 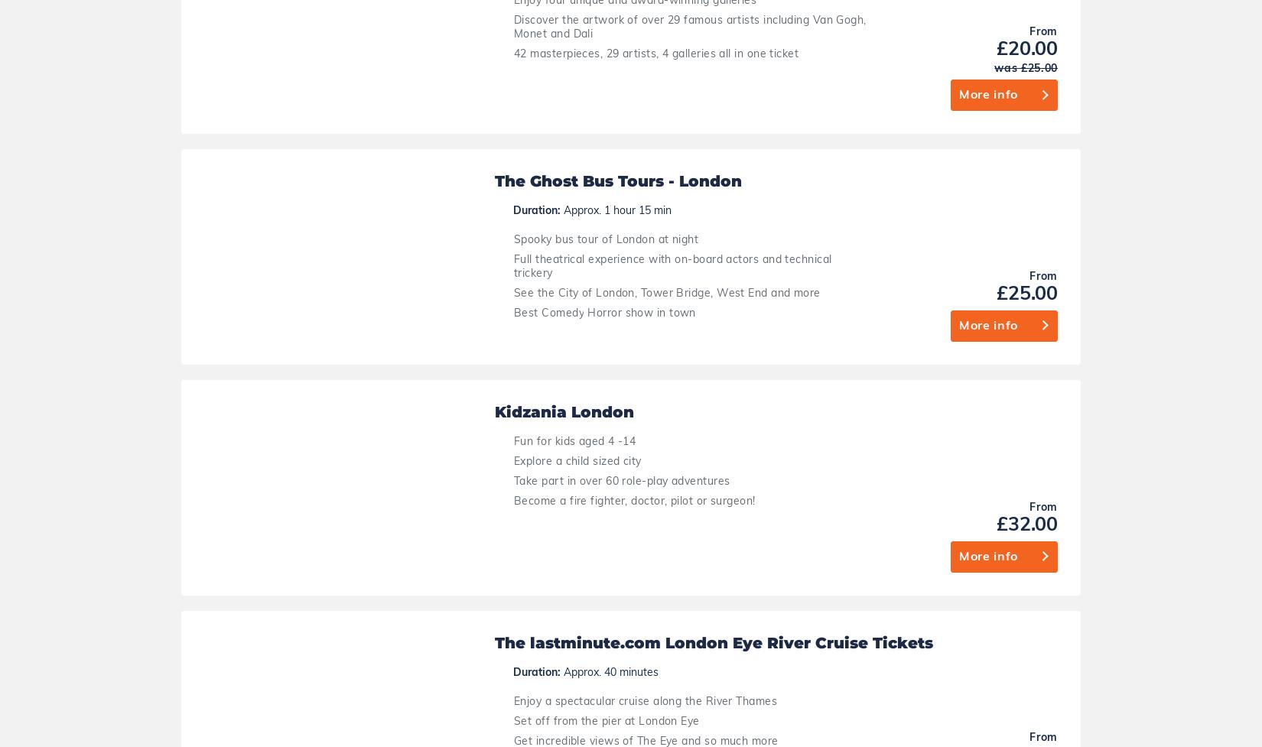 What do you see at coordinates (664, 551) in the screenshot?
I see `'London Transport Museum - Kids go free'` at bounding box center [664, 551].